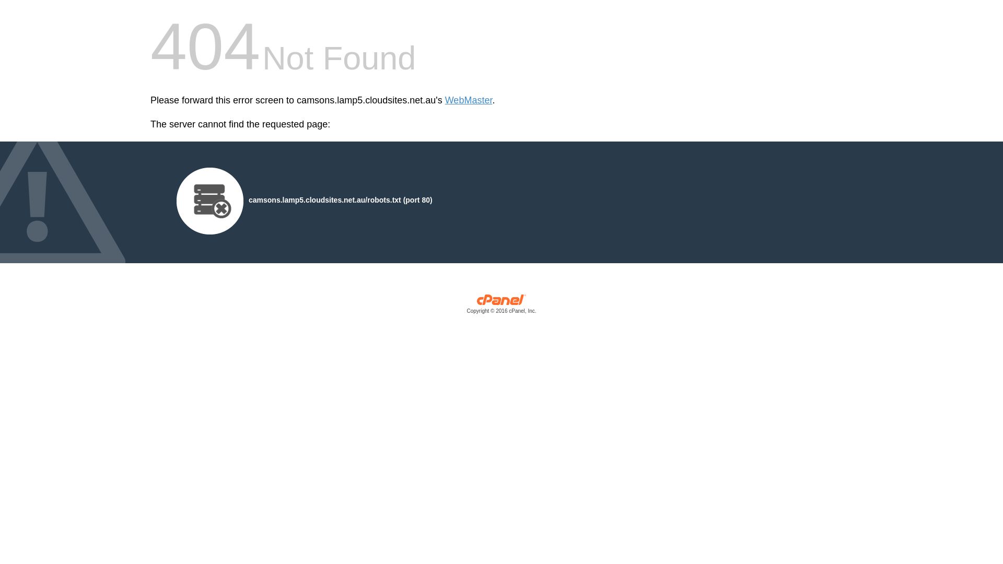  I want to click on 'WebMaster', so click(468, 100).